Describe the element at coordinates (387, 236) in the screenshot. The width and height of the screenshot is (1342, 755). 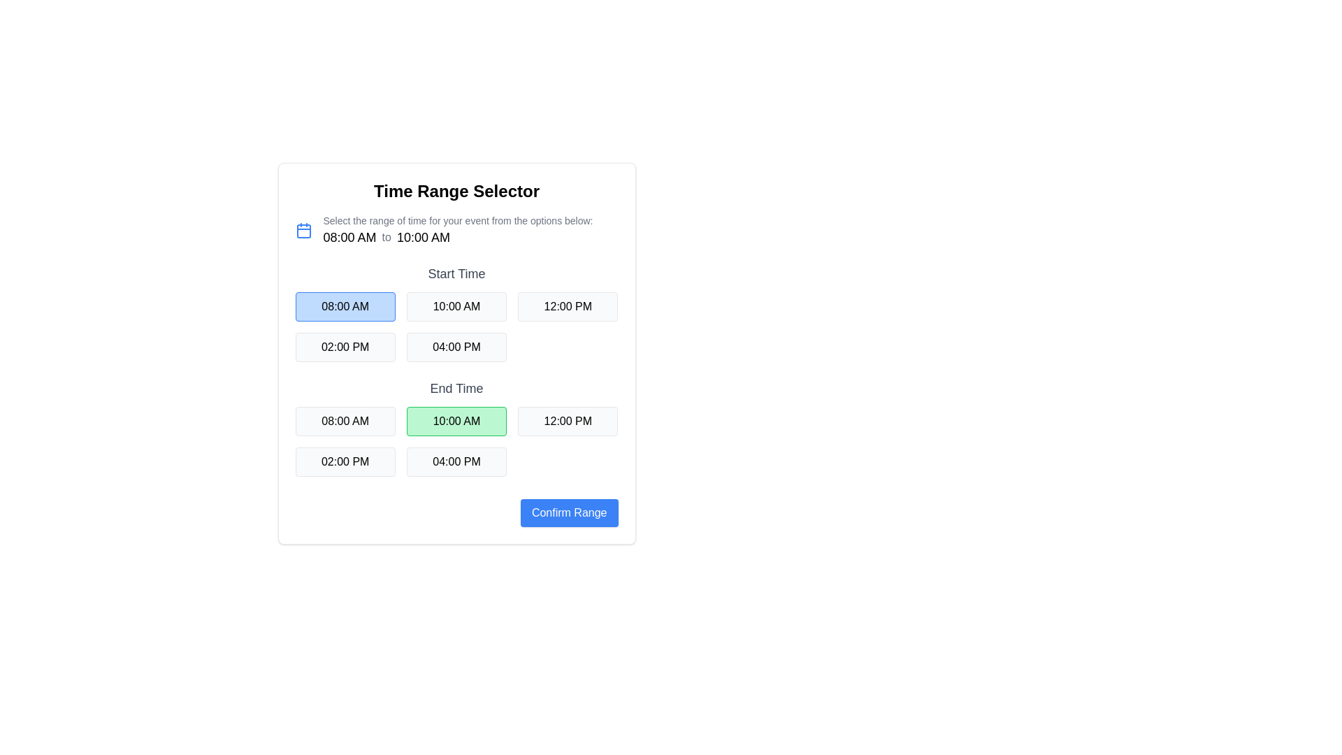
I see `the separator label that visually connects the start time '08:00 AM' and end time '10:00 AM'` at that location.